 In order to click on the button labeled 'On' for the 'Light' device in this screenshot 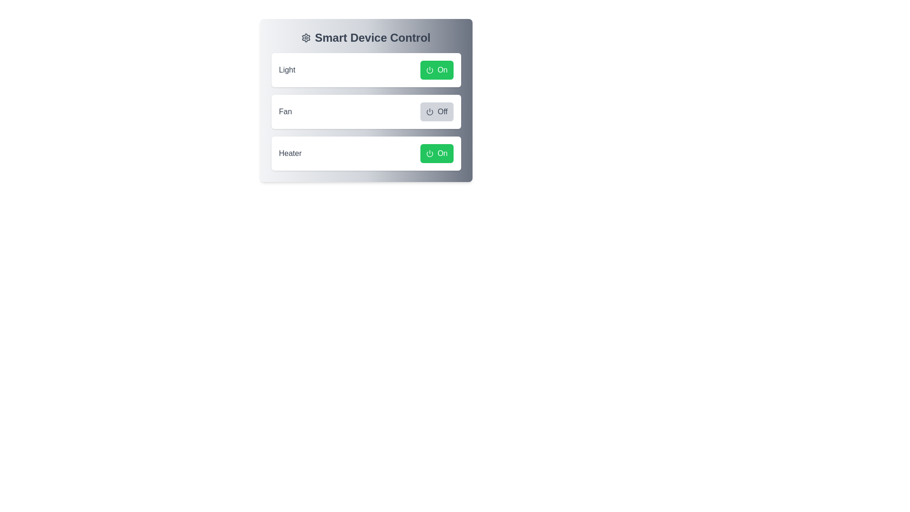, I will do `click(436, 69)`.